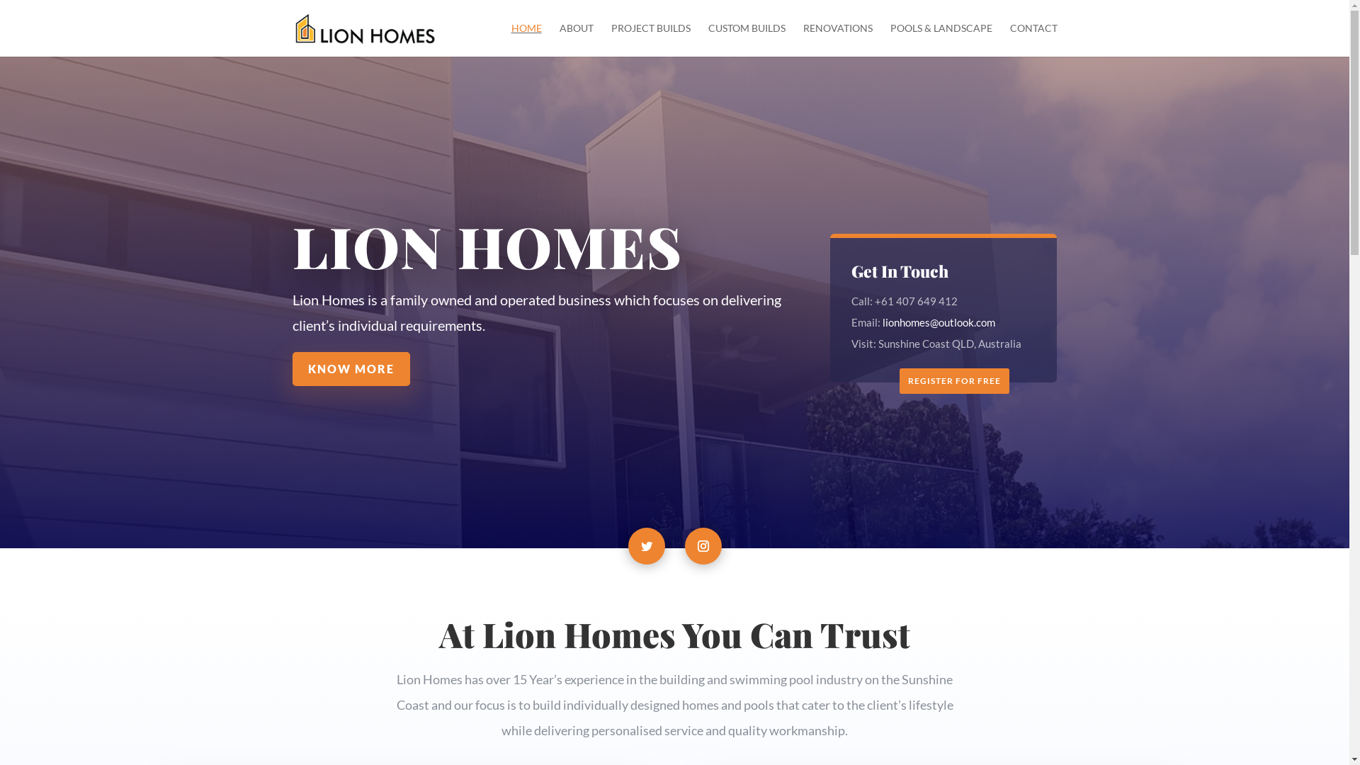 The width and height of the screenshot is (1360, 765). What do you see at coordinates (941, 39) in the screenshot?
I see `'POOLS & LANDSCAPE'` at bounding box center [941, 39].